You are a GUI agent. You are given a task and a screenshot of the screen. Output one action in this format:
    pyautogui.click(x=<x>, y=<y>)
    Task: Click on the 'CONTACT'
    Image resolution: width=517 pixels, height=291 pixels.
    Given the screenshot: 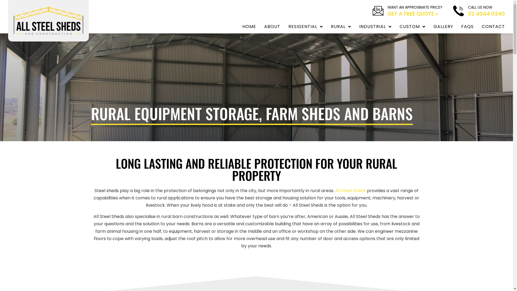 What is the action you would take?
    pyautogui.click(x=493, y=27)
    